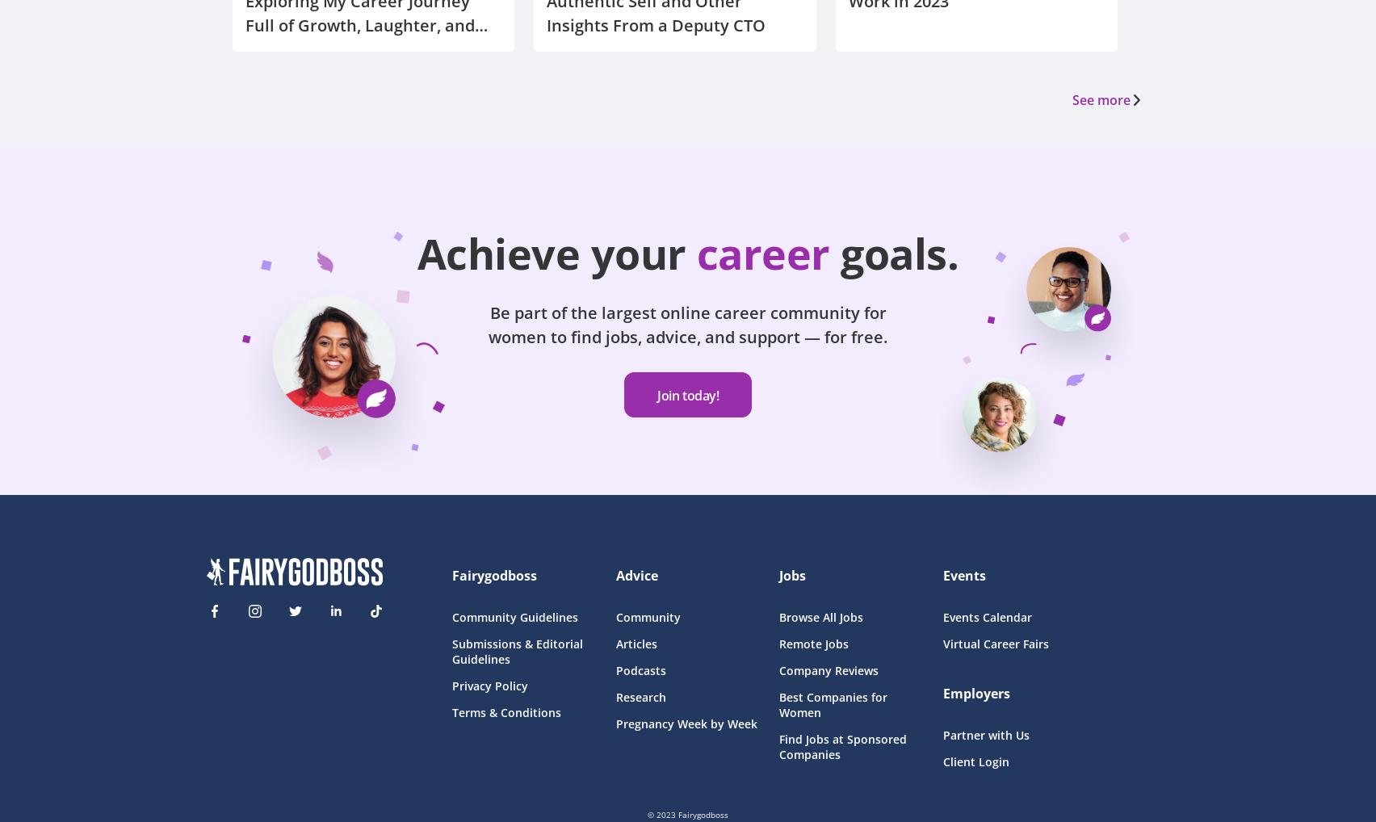  Describe the element at coordinates (685, 723) in the screenshot. I see `'Pregnancy Week by Week'` at that location.